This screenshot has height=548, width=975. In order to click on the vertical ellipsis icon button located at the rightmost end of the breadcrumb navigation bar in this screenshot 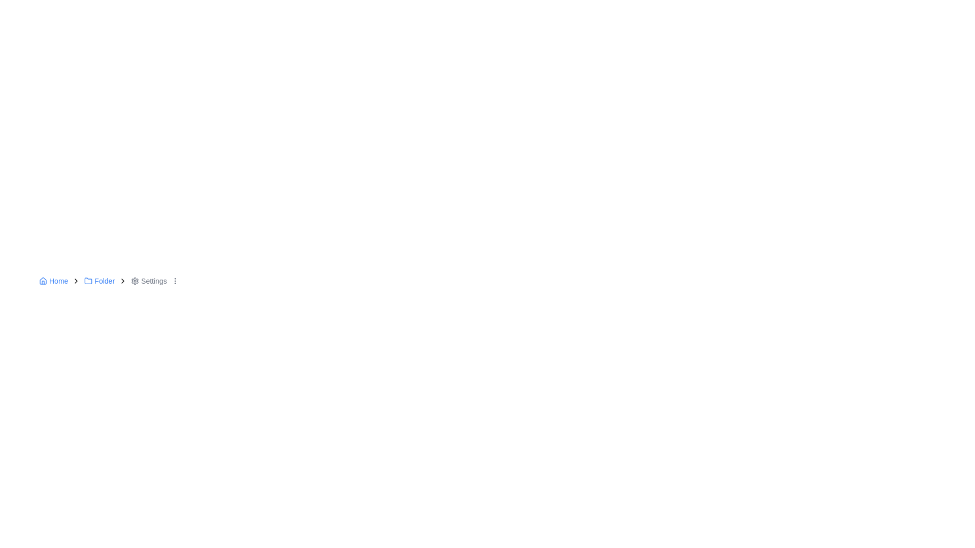, I will do `click(175, 281)`.